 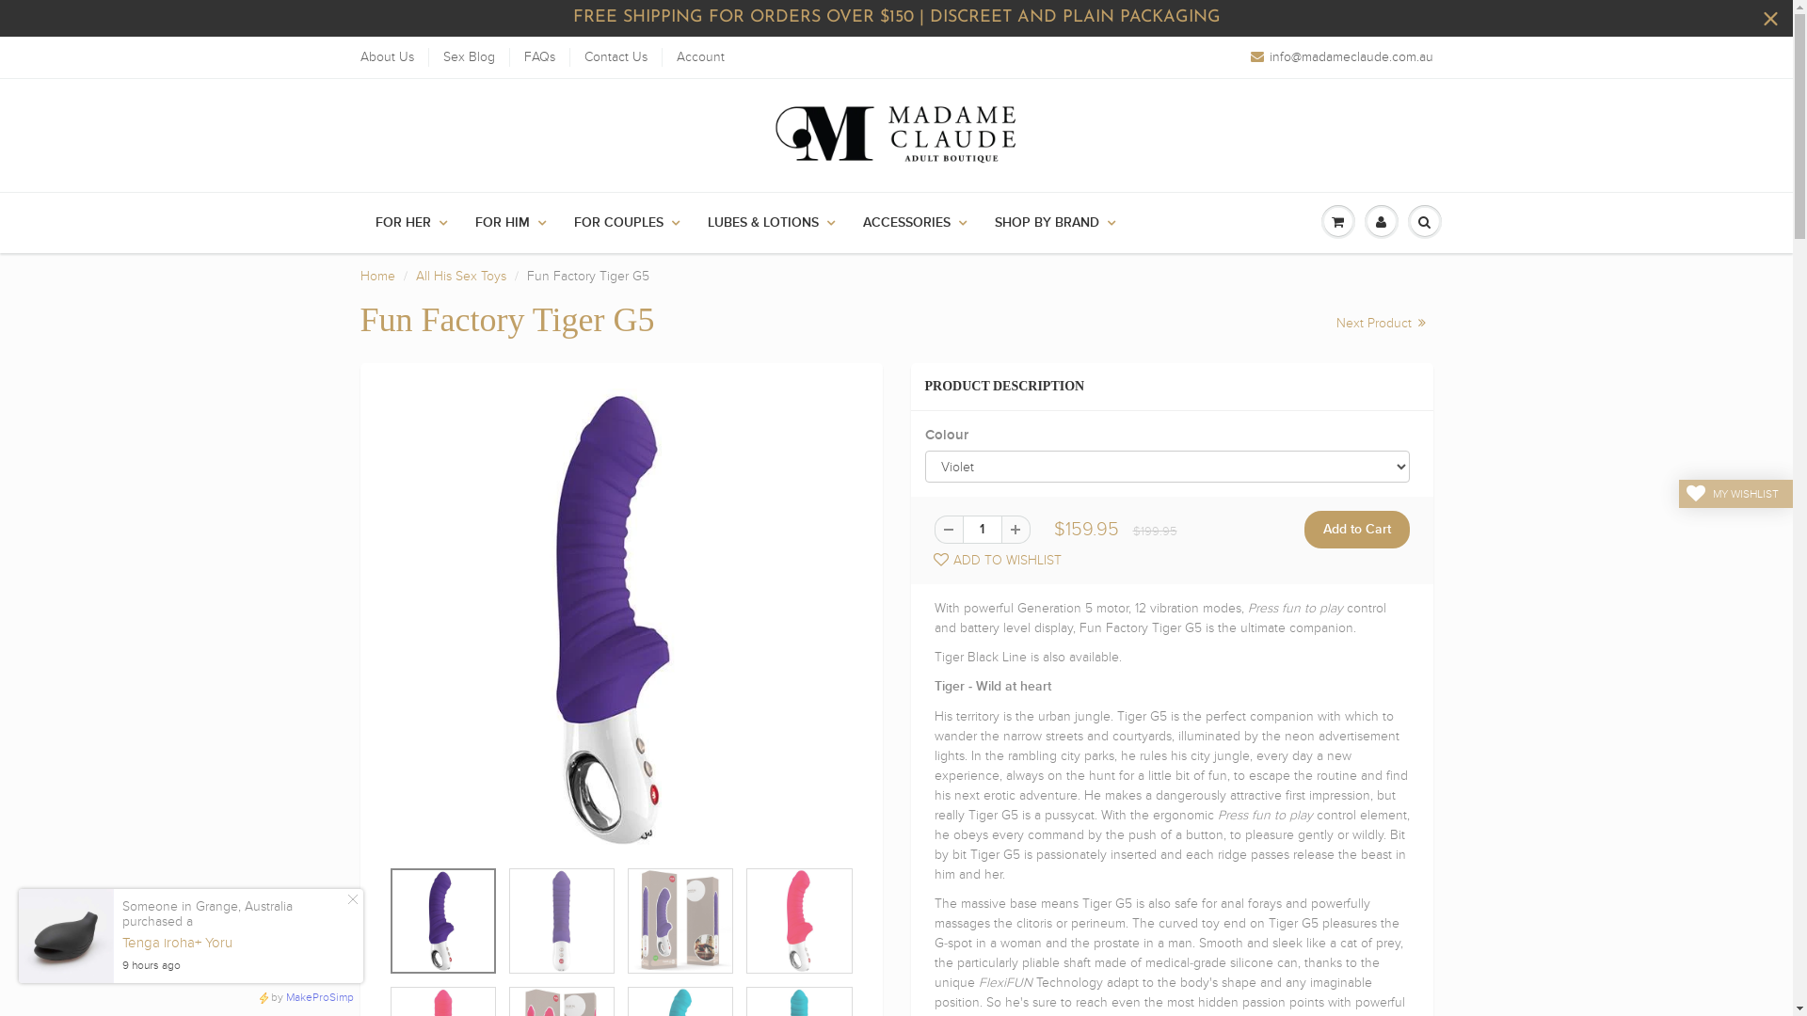 I want to click on 'MY WISHLIST', so click(x=1735, y=492).